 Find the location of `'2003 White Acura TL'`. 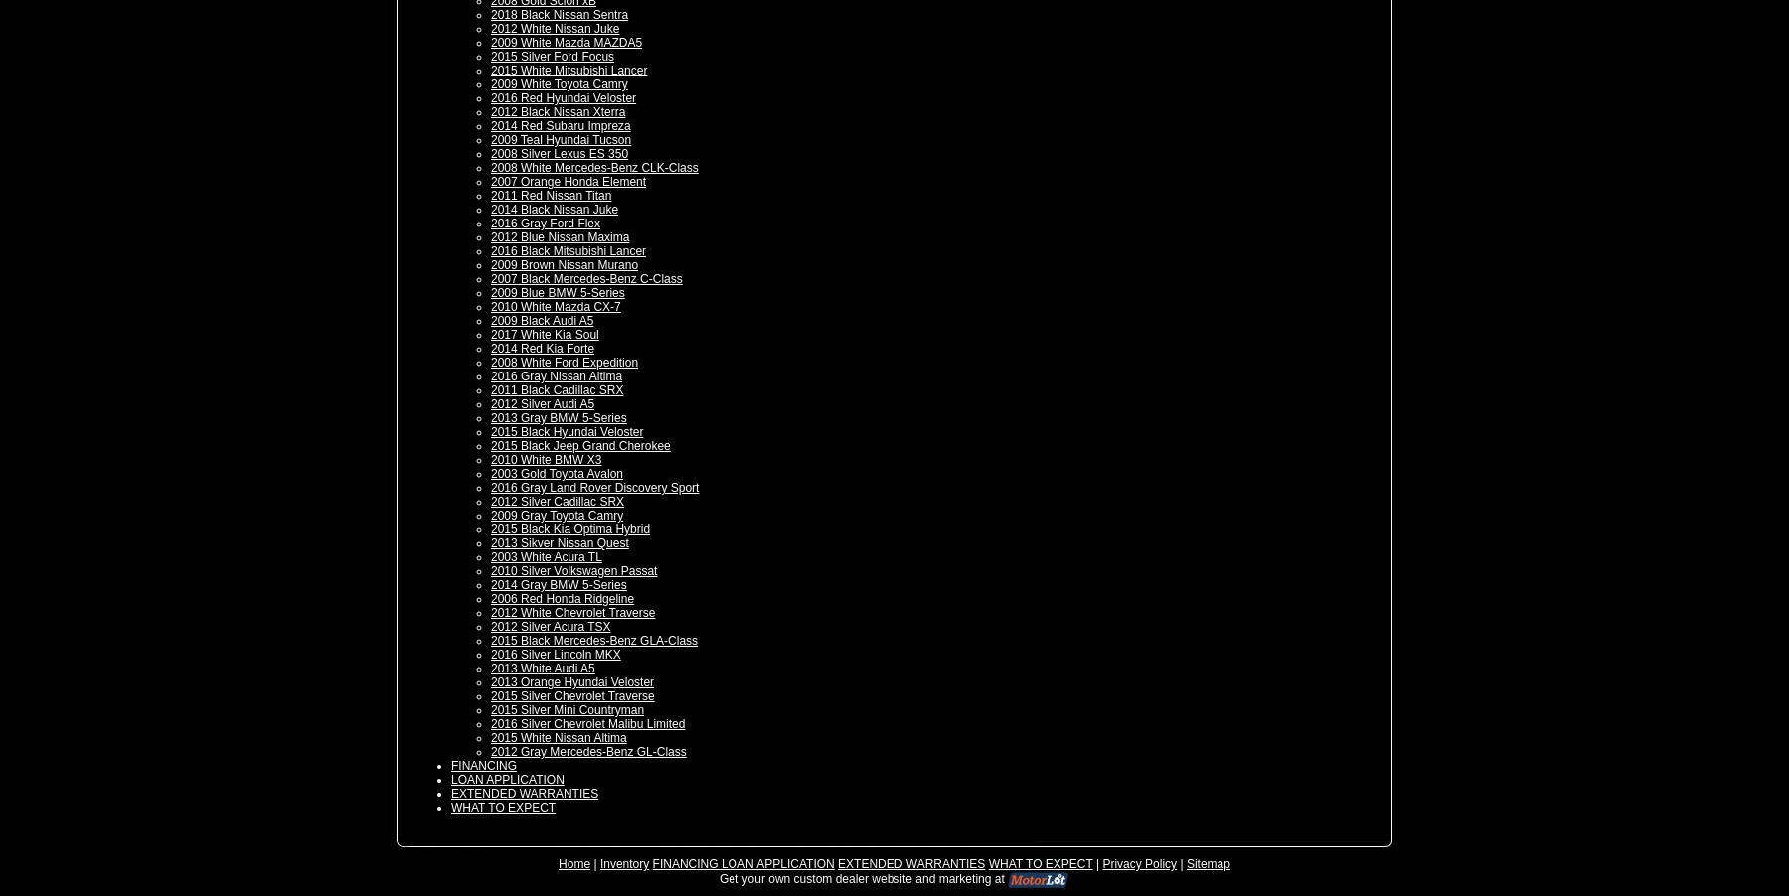

'2003 White Acura TL' is located at coordinates (545, 557).